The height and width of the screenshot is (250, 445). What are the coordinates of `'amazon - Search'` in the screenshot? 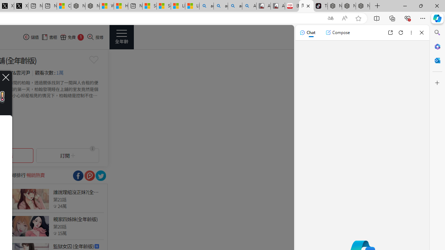 It's located at (220, 6).